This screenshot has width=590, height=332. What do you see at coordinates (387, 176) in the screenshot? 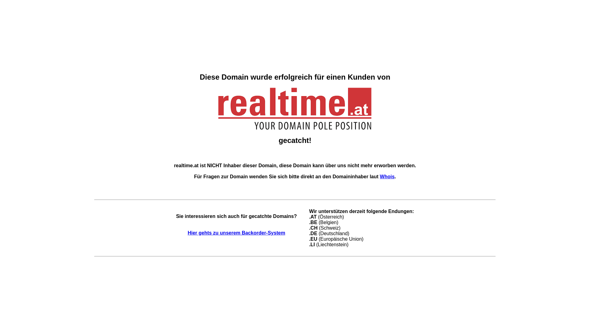
I see `'Whois'` at bounding box center [387, 176].